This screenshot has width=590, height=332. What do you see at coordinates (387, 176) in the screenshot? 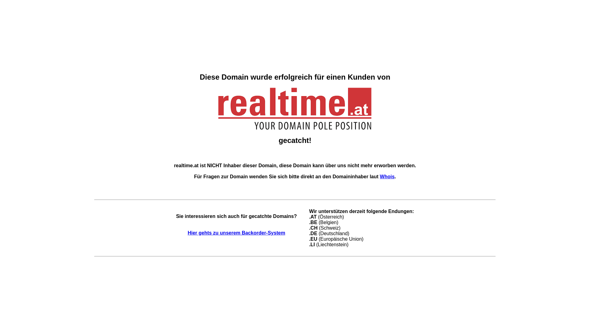
I see `'Whois'` at bounding box center [387, 176].